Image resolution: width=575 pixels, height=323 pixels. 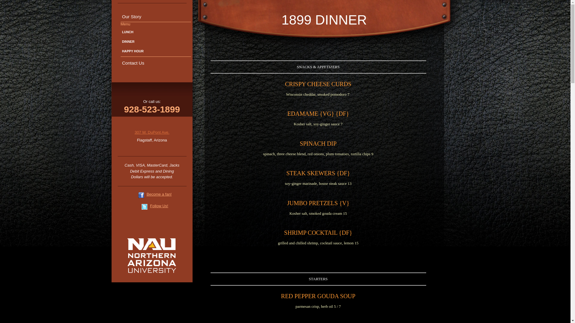 What do you see at coordinates (152, 132) in the screenshot?
I see `'307 W. DuPont Ave.'` at bounding box center [152, 132].